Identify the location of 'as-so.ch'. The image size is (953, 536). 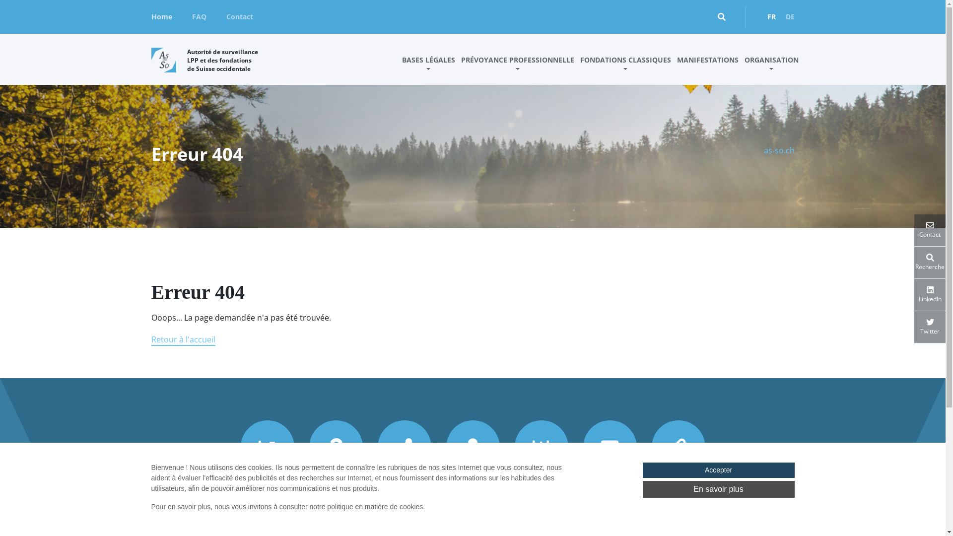
(778, 150).